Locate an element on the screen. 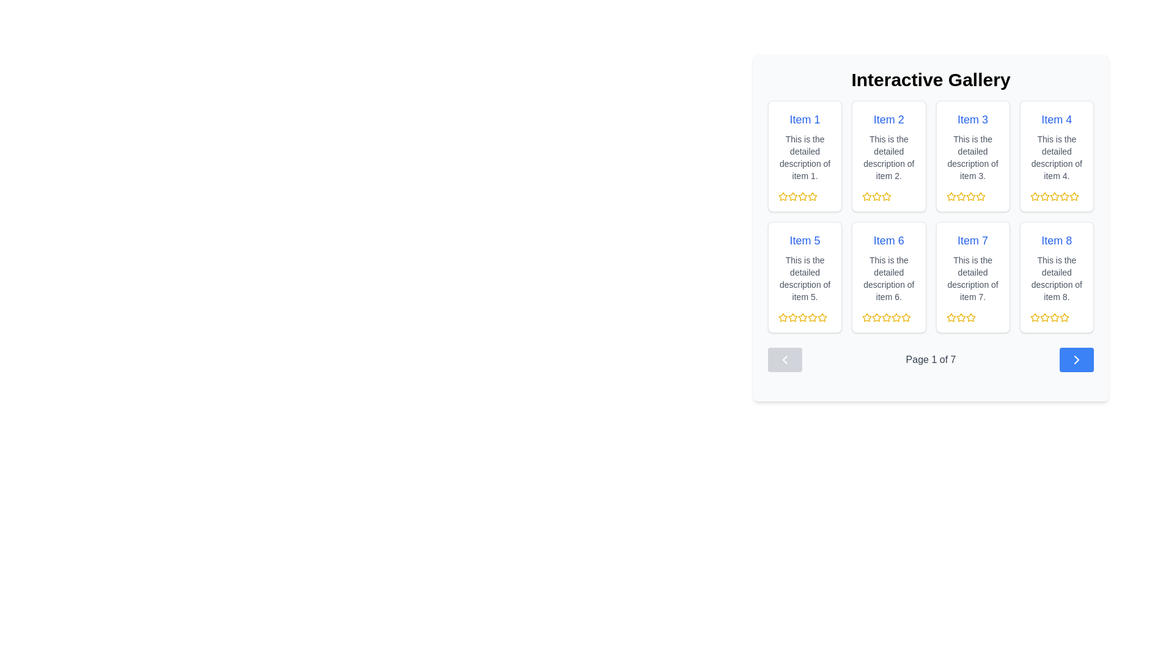  the third star icon to rate 'Item 3' in the gallery is located at coordinates (960, 196).